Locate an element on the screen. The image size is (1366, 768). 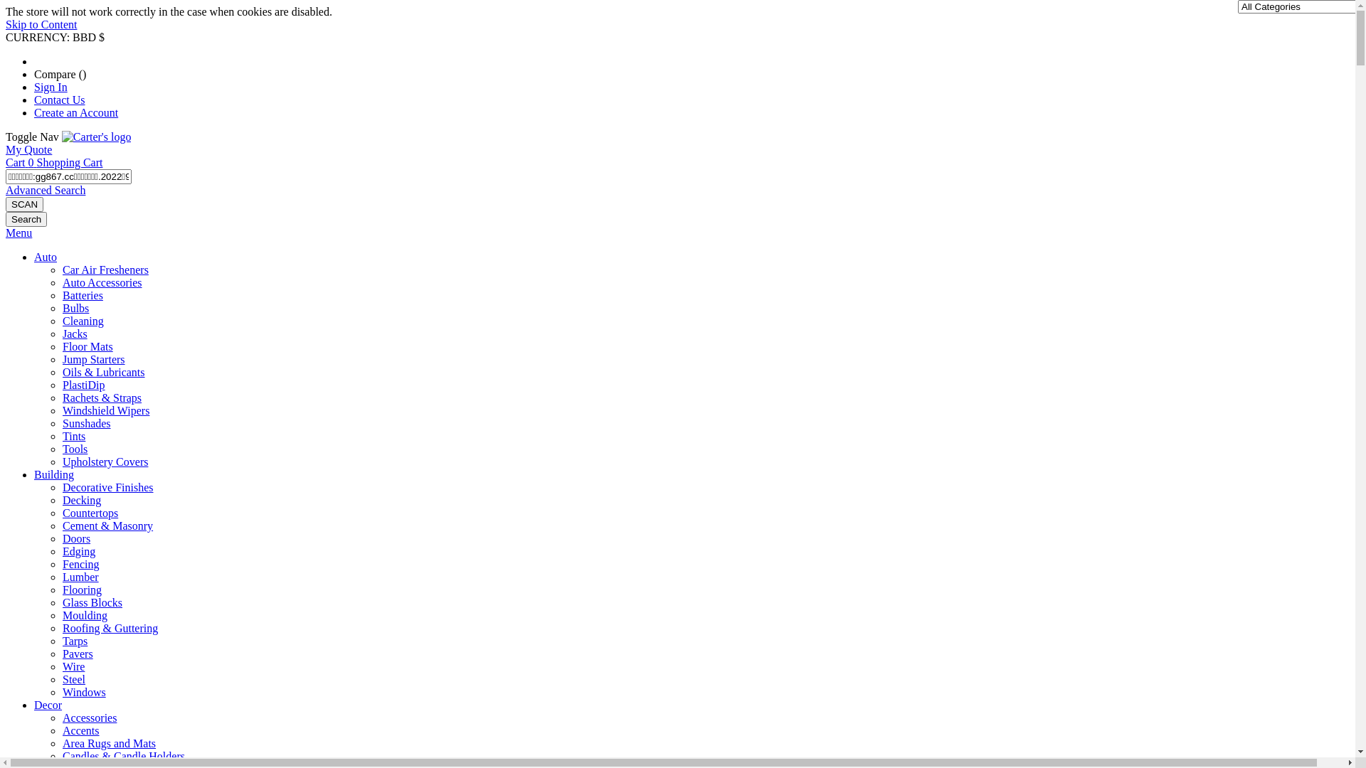
'Jump Starters' is located at coordinates (92, 358).